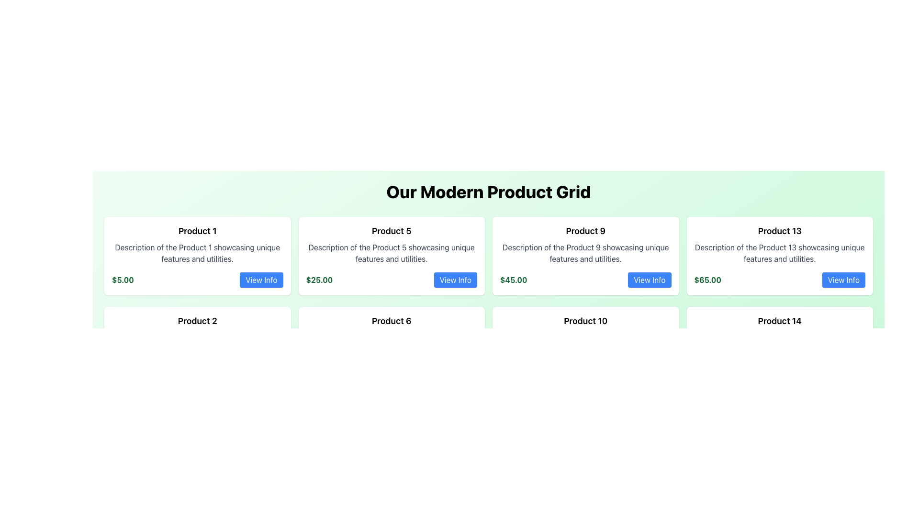 The width and height of the screenshot is (919, 517). Describe the element at coordinates (392, 231) in the screenshot. I see `the text label that serves as the title for the product in the card located in the second column of the top row of the grid layout for accessibility purposes` at that location.